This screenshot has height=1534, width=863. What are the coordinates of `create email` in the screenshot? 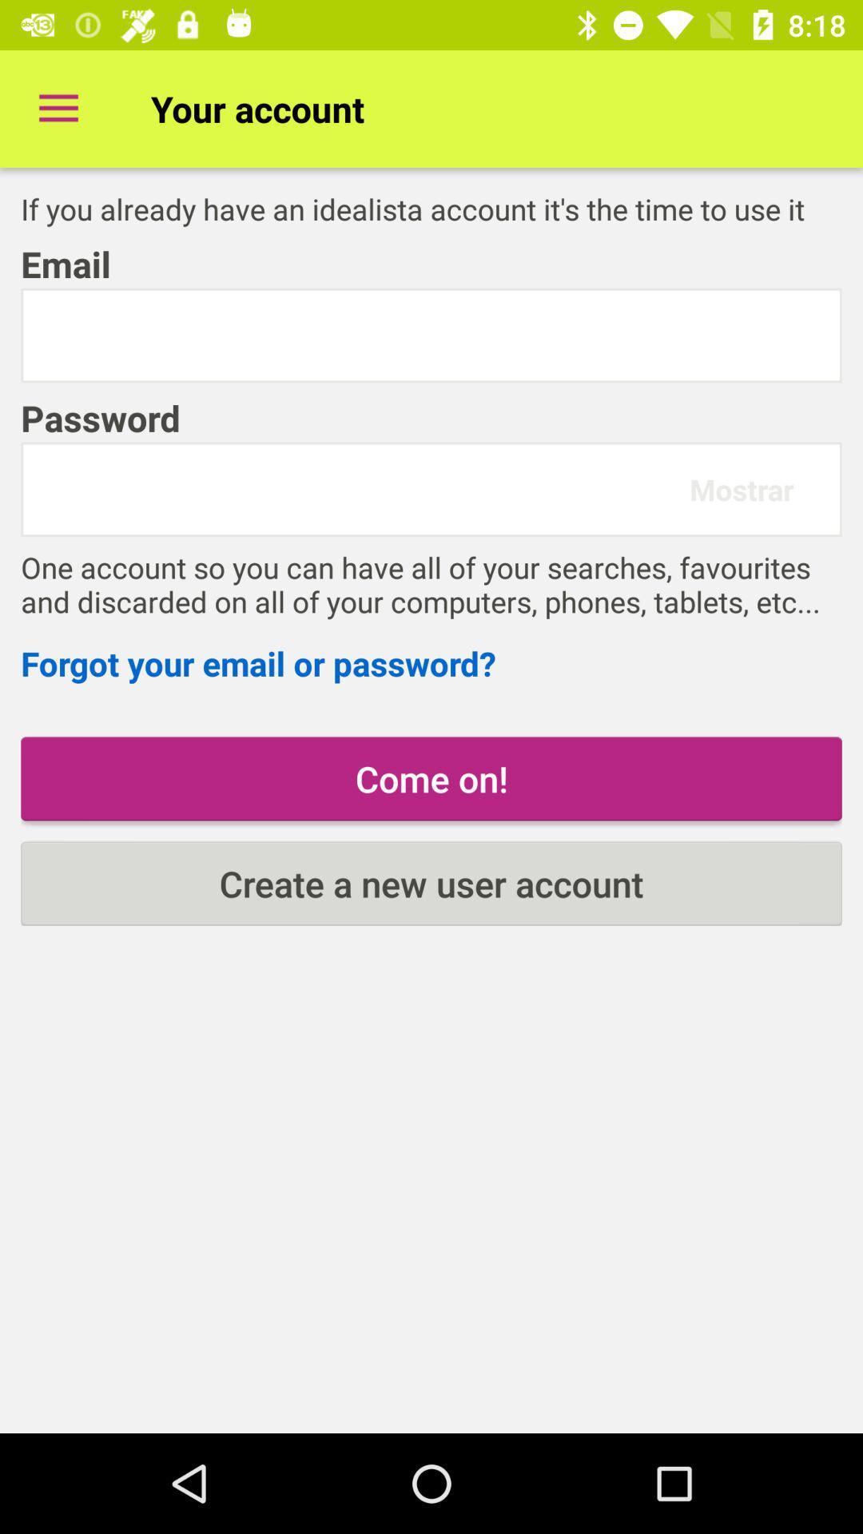 It's located at (431, 335).